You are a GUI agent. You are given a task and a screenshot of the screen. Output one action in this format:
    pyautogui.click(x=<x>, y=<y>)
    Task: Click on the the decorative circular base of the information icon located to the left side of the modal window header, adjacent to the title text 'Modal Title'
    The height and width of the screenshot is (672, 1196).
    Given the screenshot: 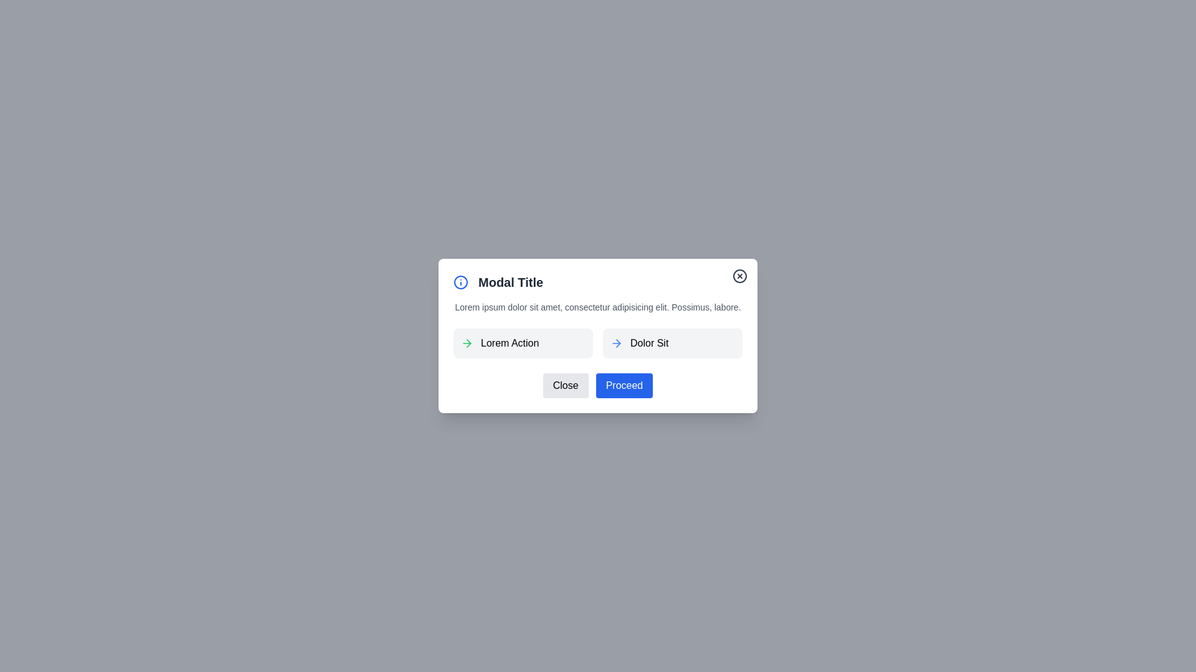 What is the action you would take?
    pyautogui.click(x=460, y=282)
    